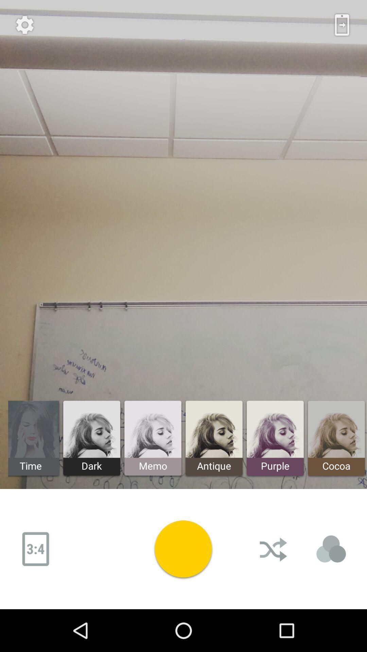 The image size is (367, 652). What do you see at coordinates (336, 438) in the screenshot?
I see `first image at the bottom right corner of the page` at bounding box center [336, 438].